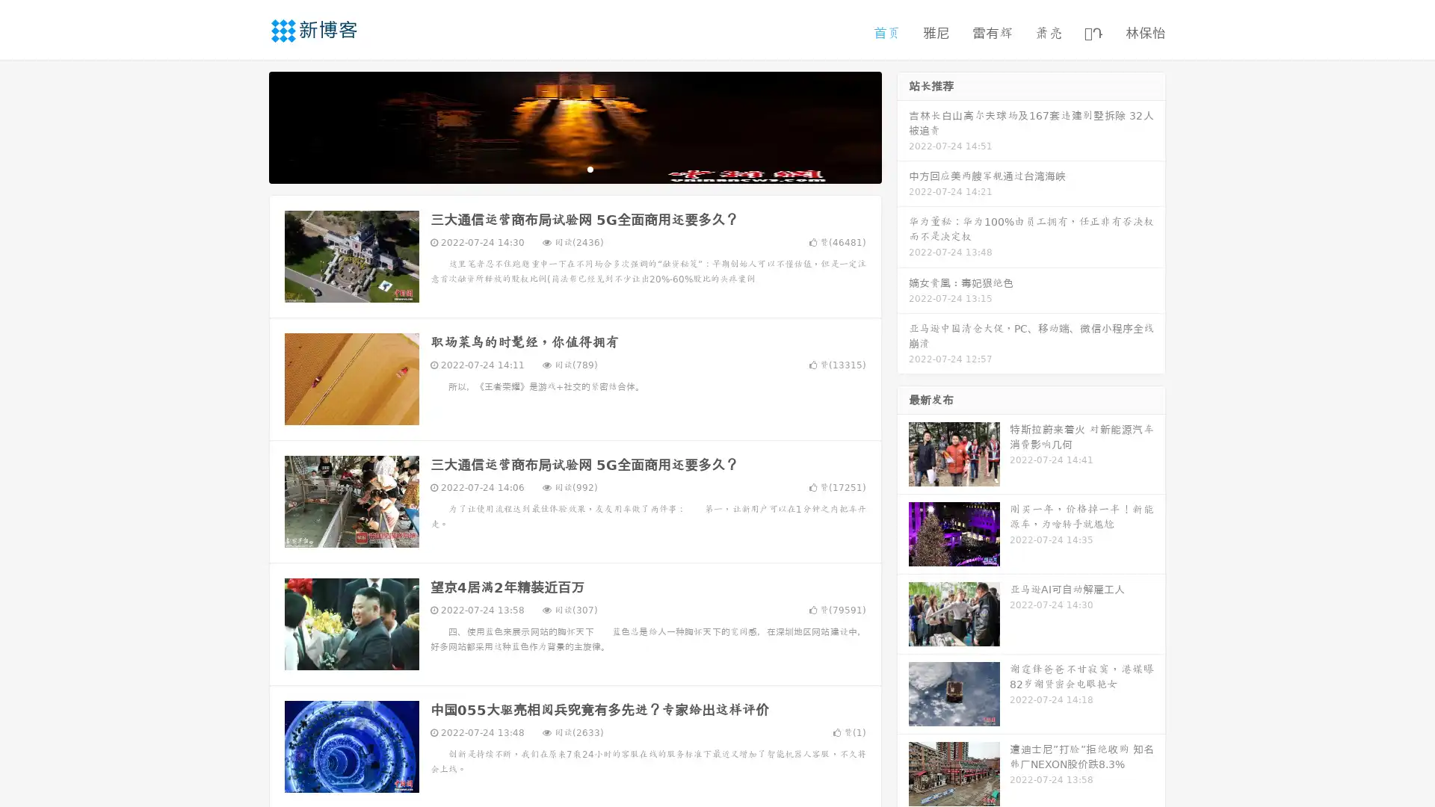  Describe the element at coordinates (903, 126) in the screenshot. I see `Next slide` at that location.